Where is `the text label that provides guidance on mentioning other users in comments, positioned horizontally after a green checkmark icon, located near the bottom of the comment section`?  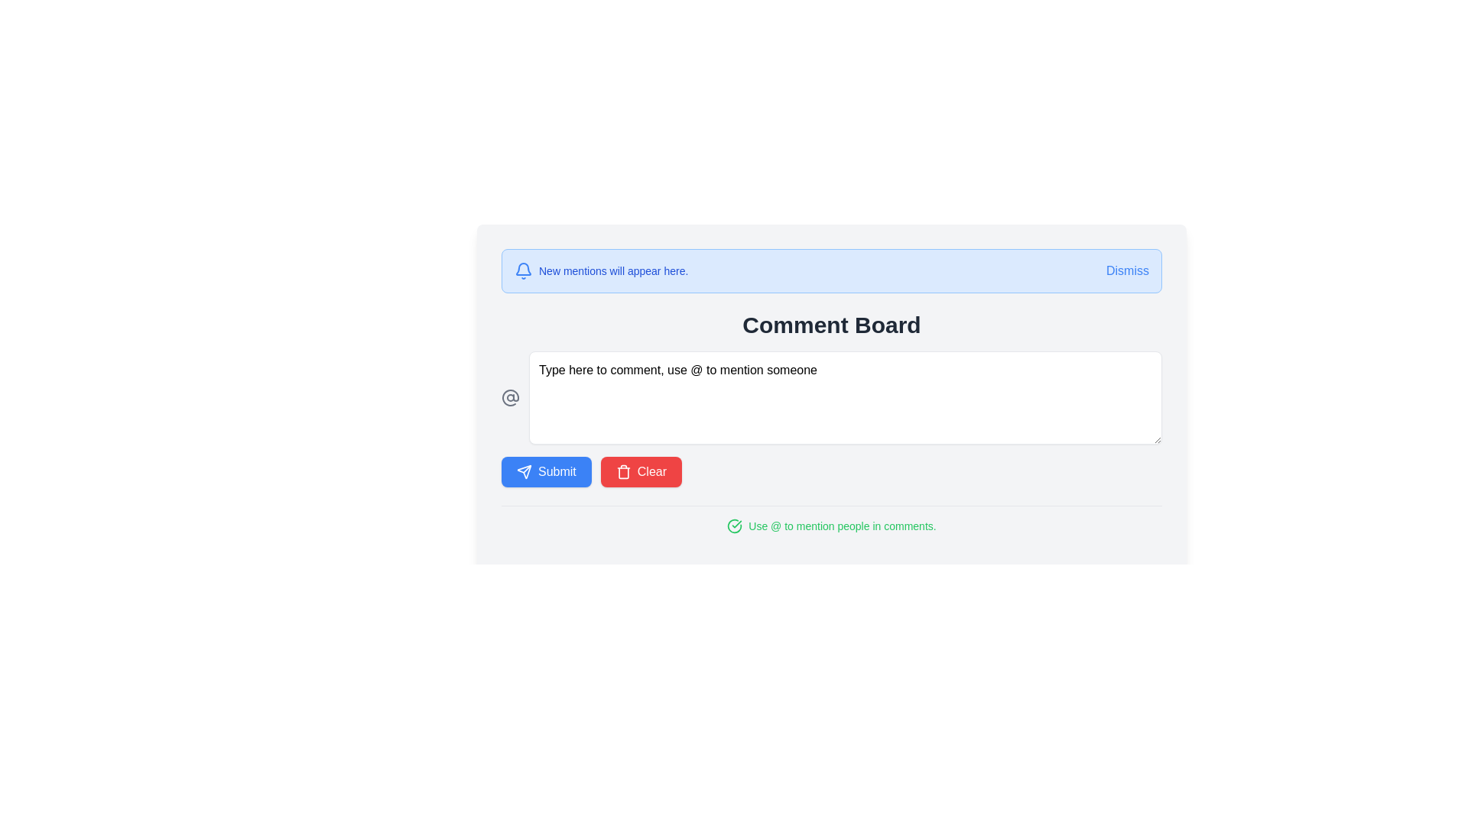
the text label that provides guidance on mentioning other users in comments, positioned horizontally after a green checkmark icon, located near the bottom of the comment section is located at coordinates (842, 526).